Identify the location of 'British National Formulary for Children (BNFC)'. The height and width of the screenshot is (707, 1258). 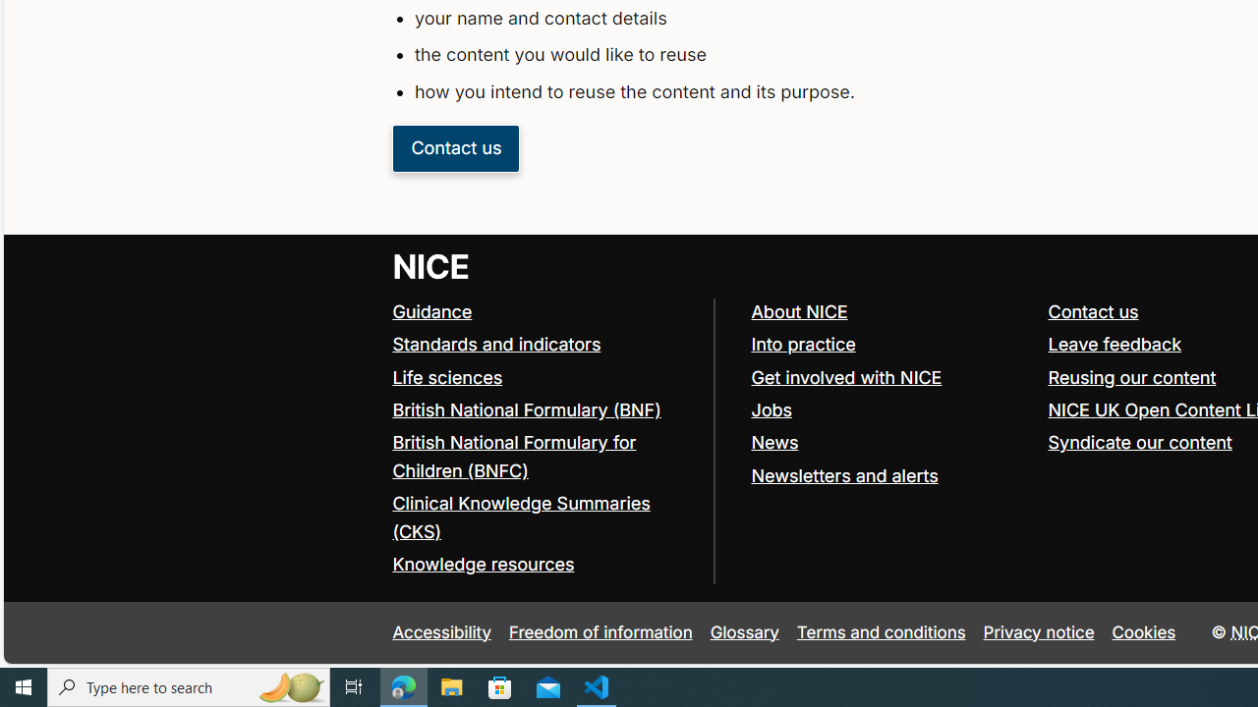
(514, 457).